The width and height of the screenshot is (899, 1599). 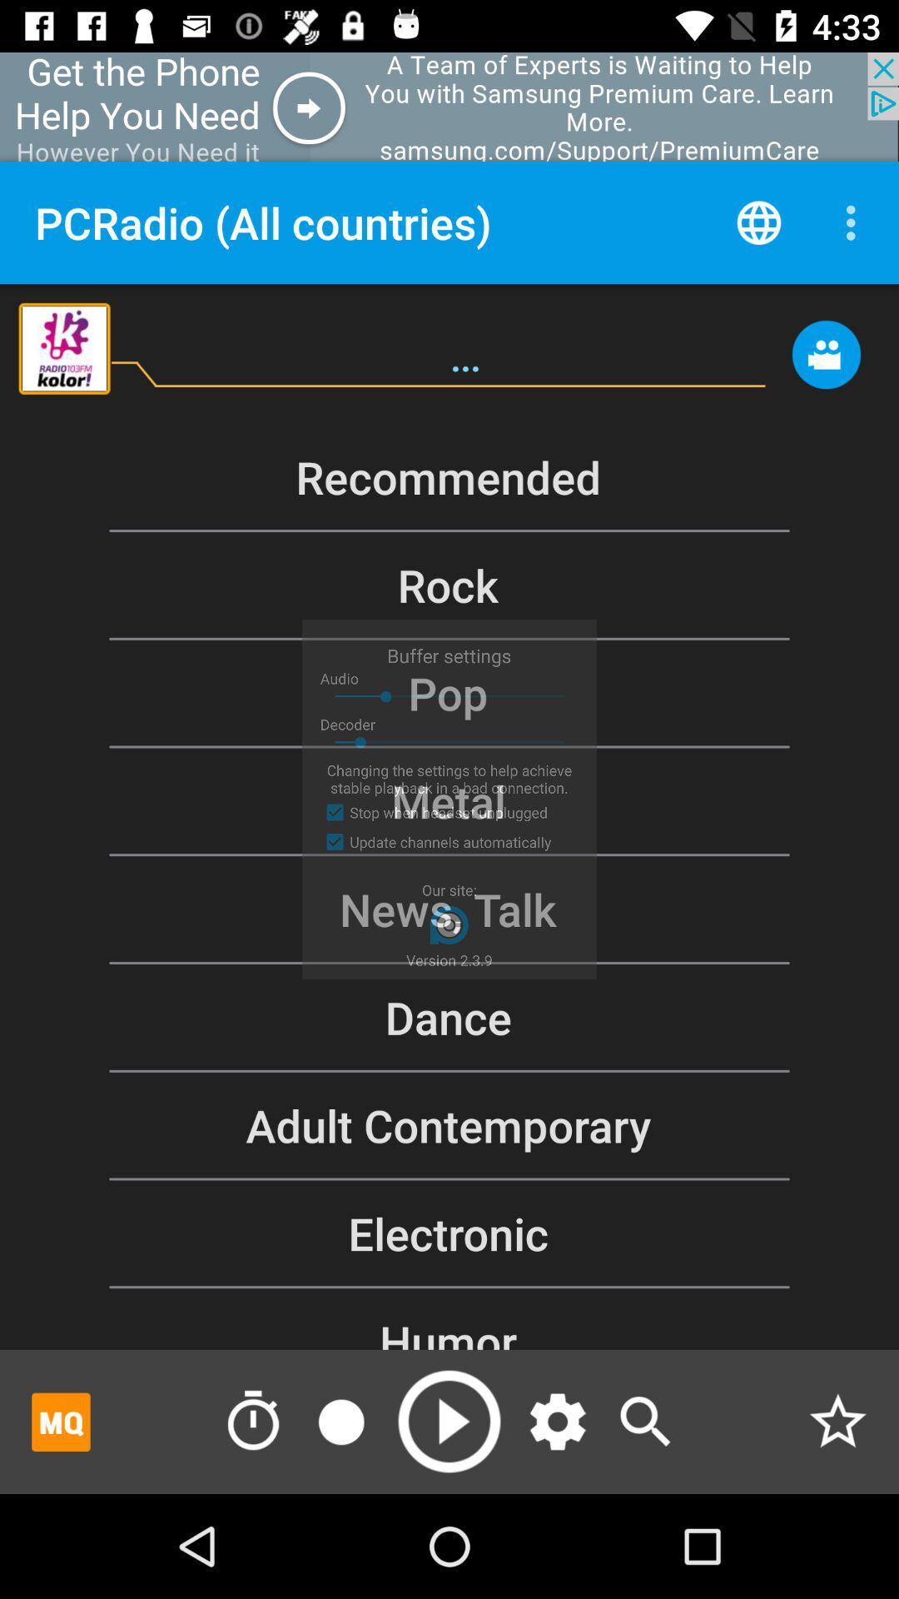 What do you see at coordinates (60, 1421) in the screenshot?
I see `for adverisment link` at bounding box center [60, 1421].